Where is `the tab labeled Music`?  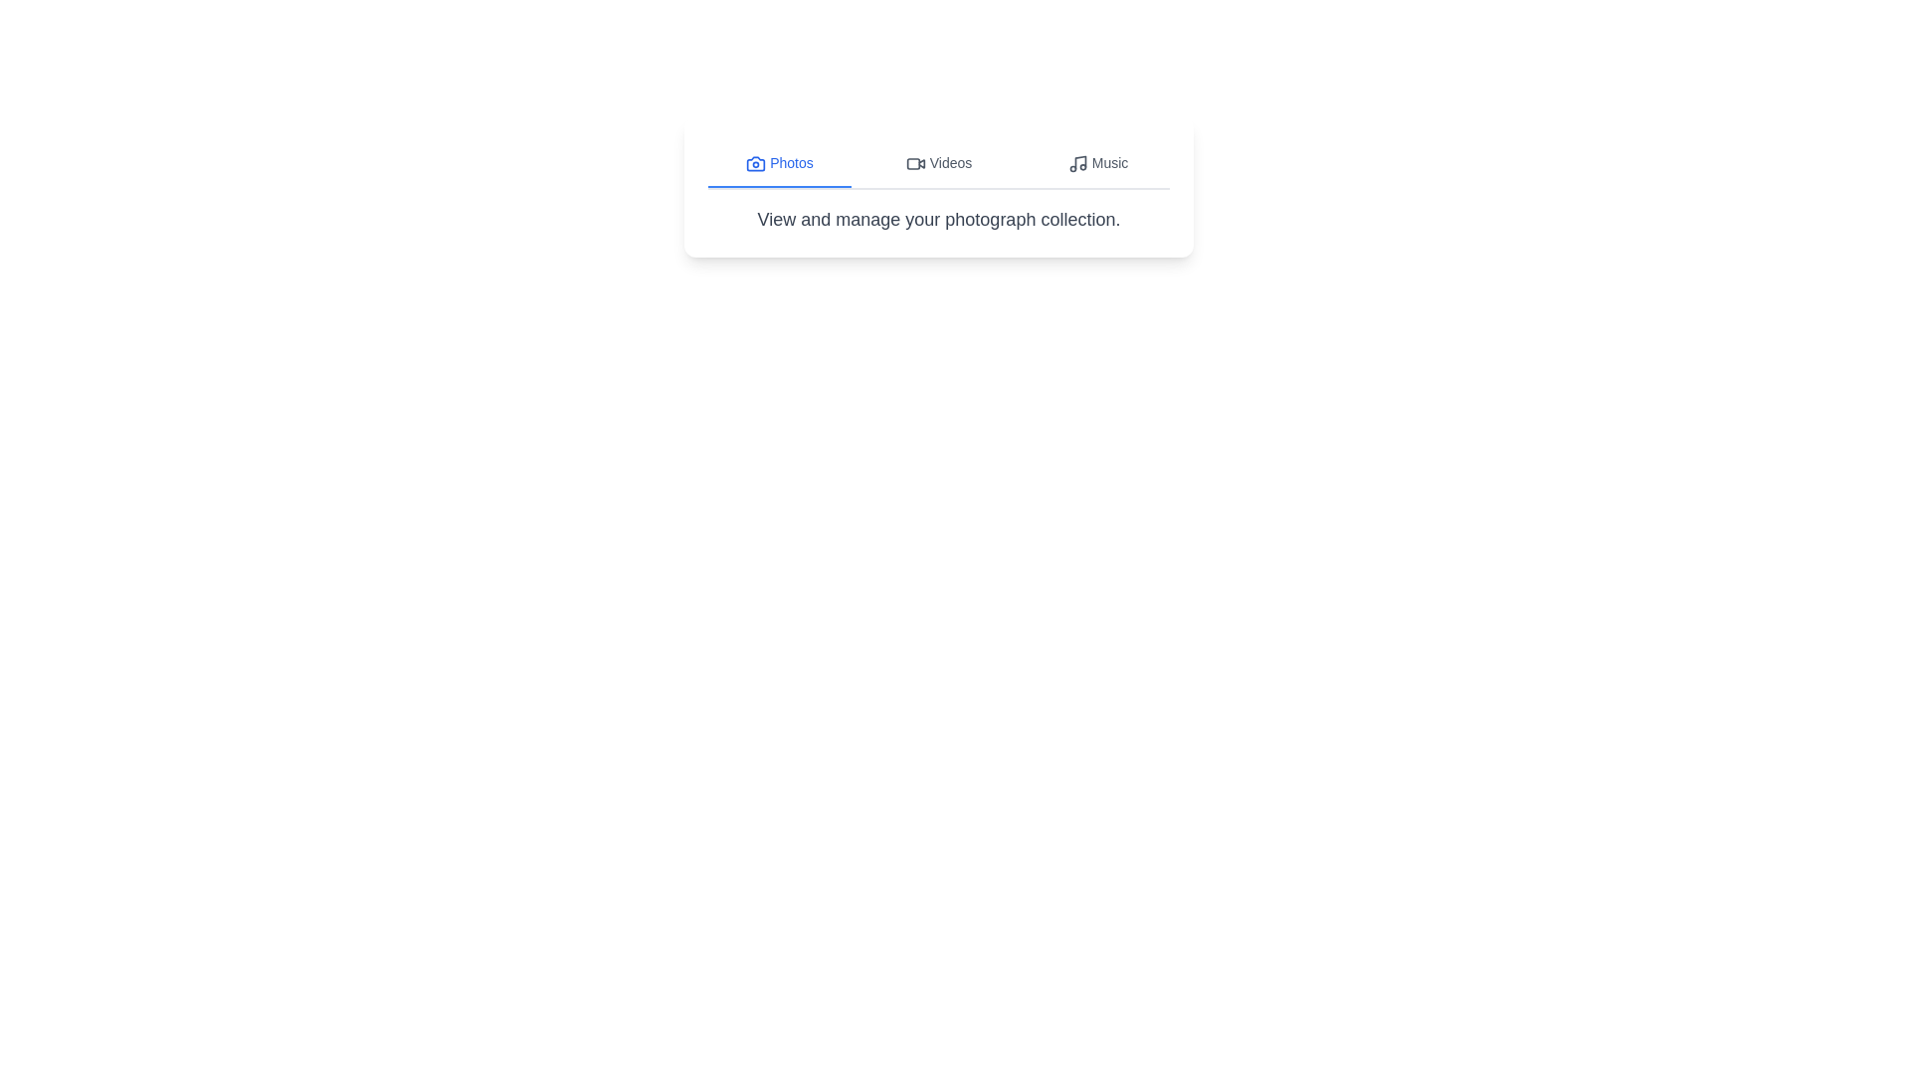 the tab labeled Music is located at coordinates (1097, 163).